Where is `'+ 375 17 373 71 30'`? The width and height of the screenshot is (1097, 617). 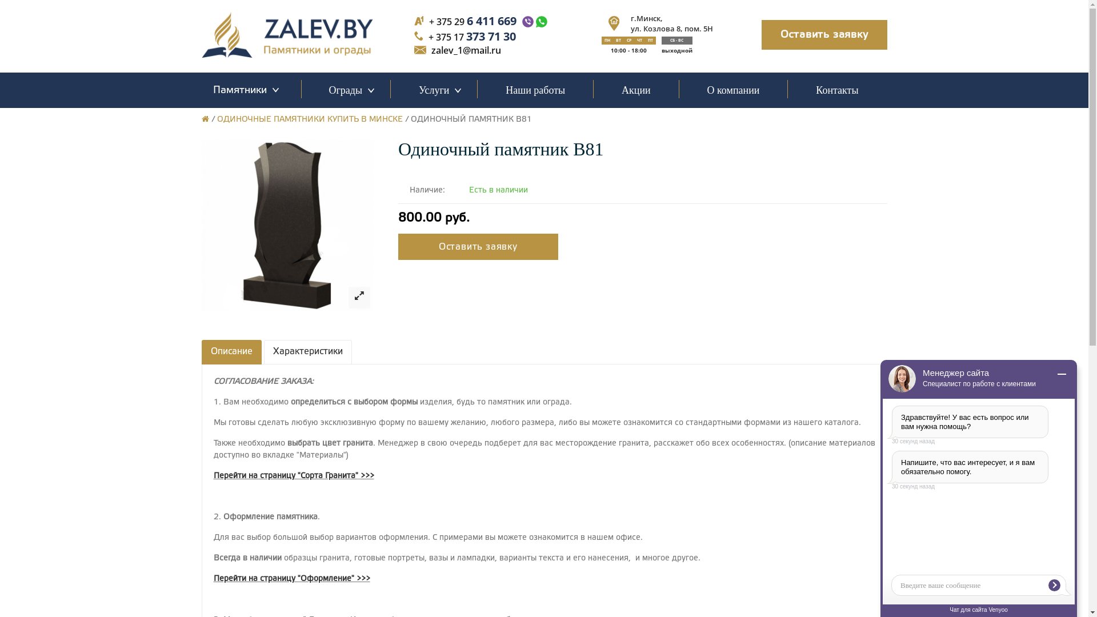 '+ 375 17 373 71 30' is located at coordinates (472, 35).